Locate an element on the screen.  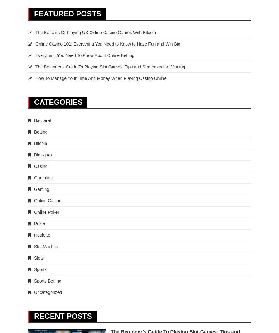
'Roulette' is located at coordinates (42, 234).